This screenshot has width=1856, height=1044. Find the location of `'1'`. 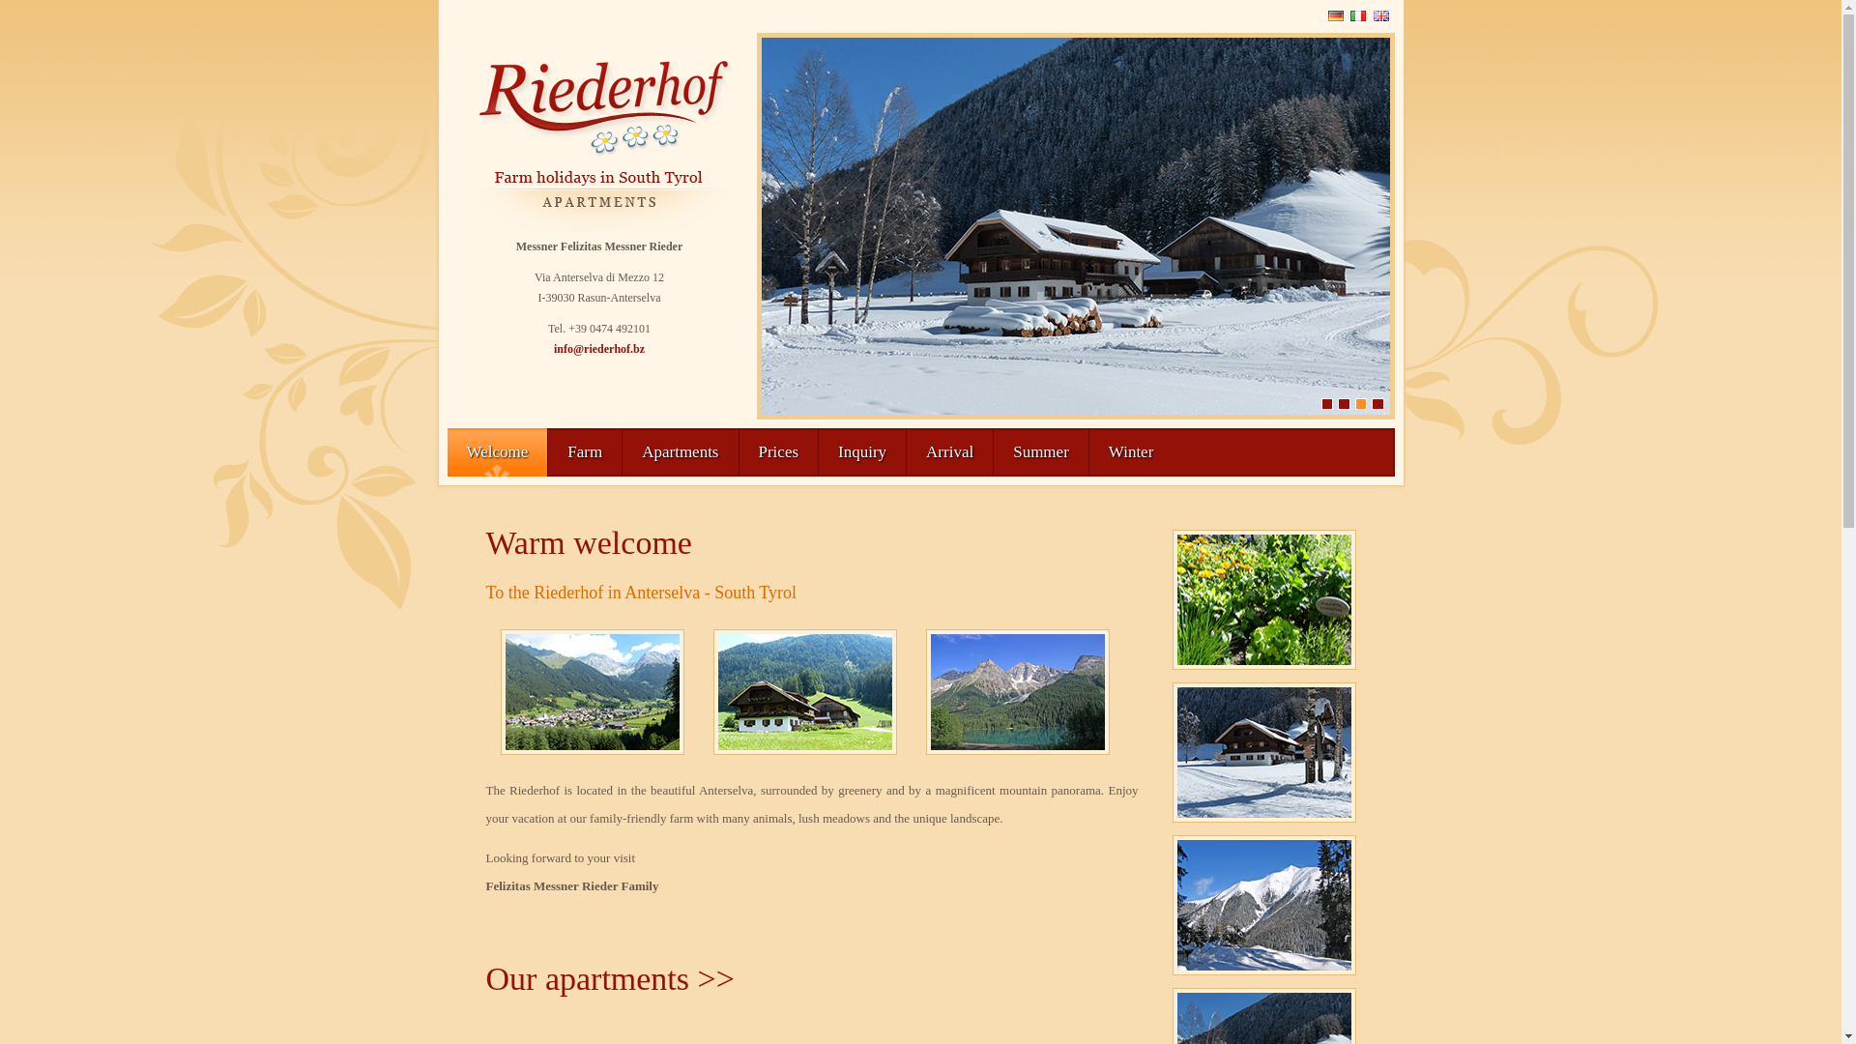

'1' is located at coordinates (1325, 402).